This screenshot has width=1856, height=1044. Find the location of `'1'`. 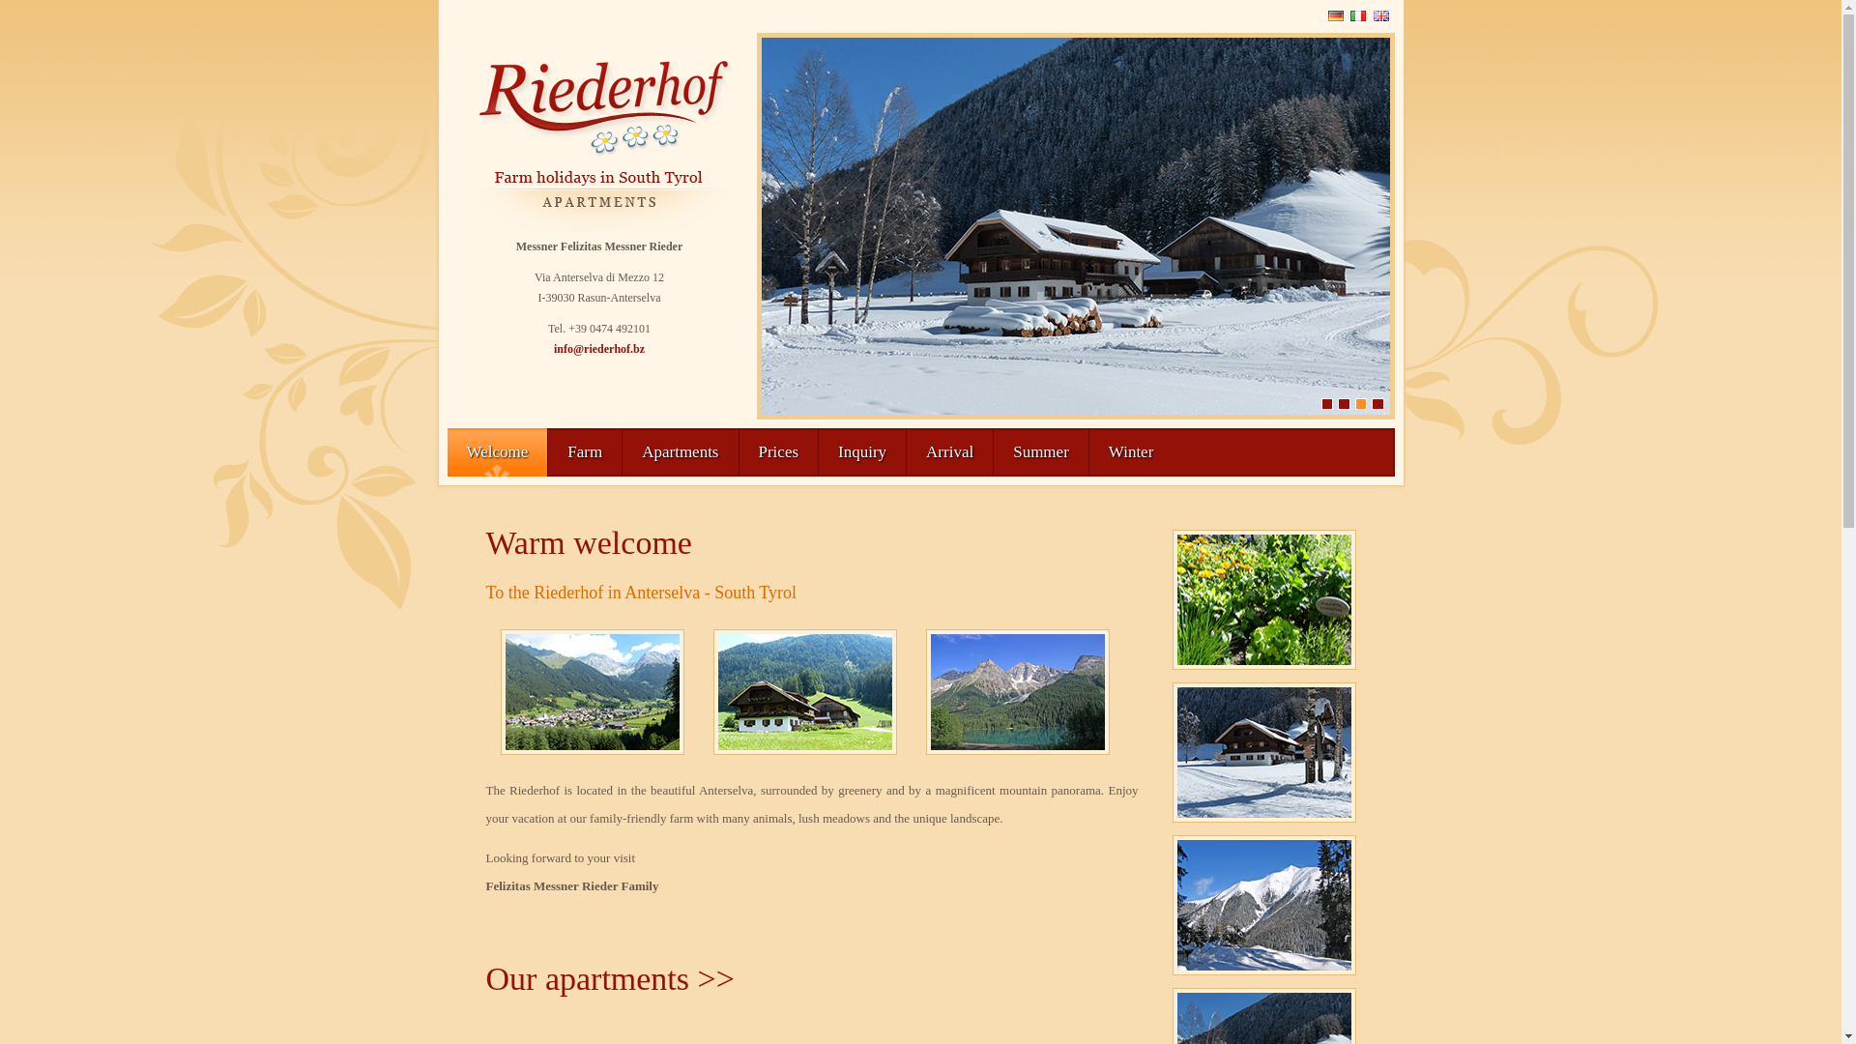

'1' is located at coordinates (1325, 402).